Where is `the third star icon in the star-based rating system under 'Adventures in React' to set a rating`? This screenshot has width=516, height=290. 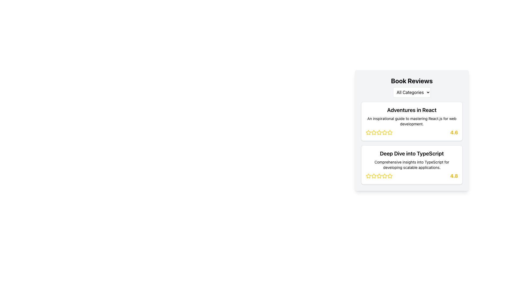 the third star icon in the star-based rating system under 'Adventures in React' to set a rating is located at coordinates (384, 132).